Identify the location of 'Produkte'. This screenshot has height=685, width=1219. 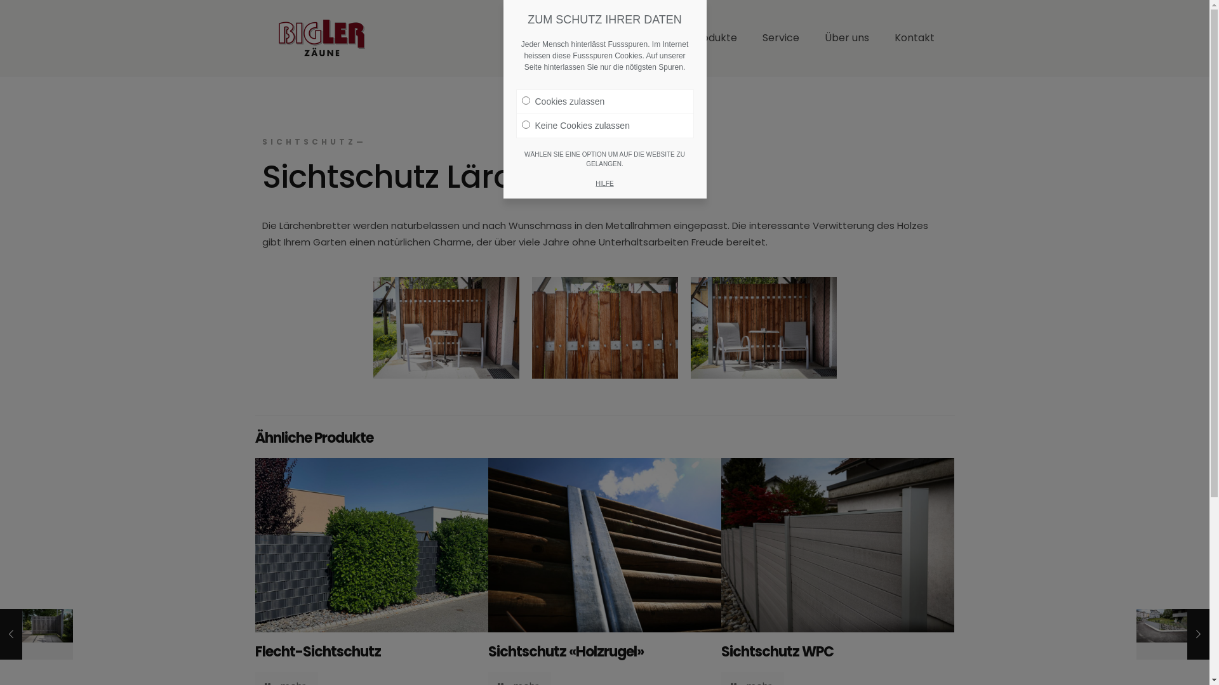
(713, 37).